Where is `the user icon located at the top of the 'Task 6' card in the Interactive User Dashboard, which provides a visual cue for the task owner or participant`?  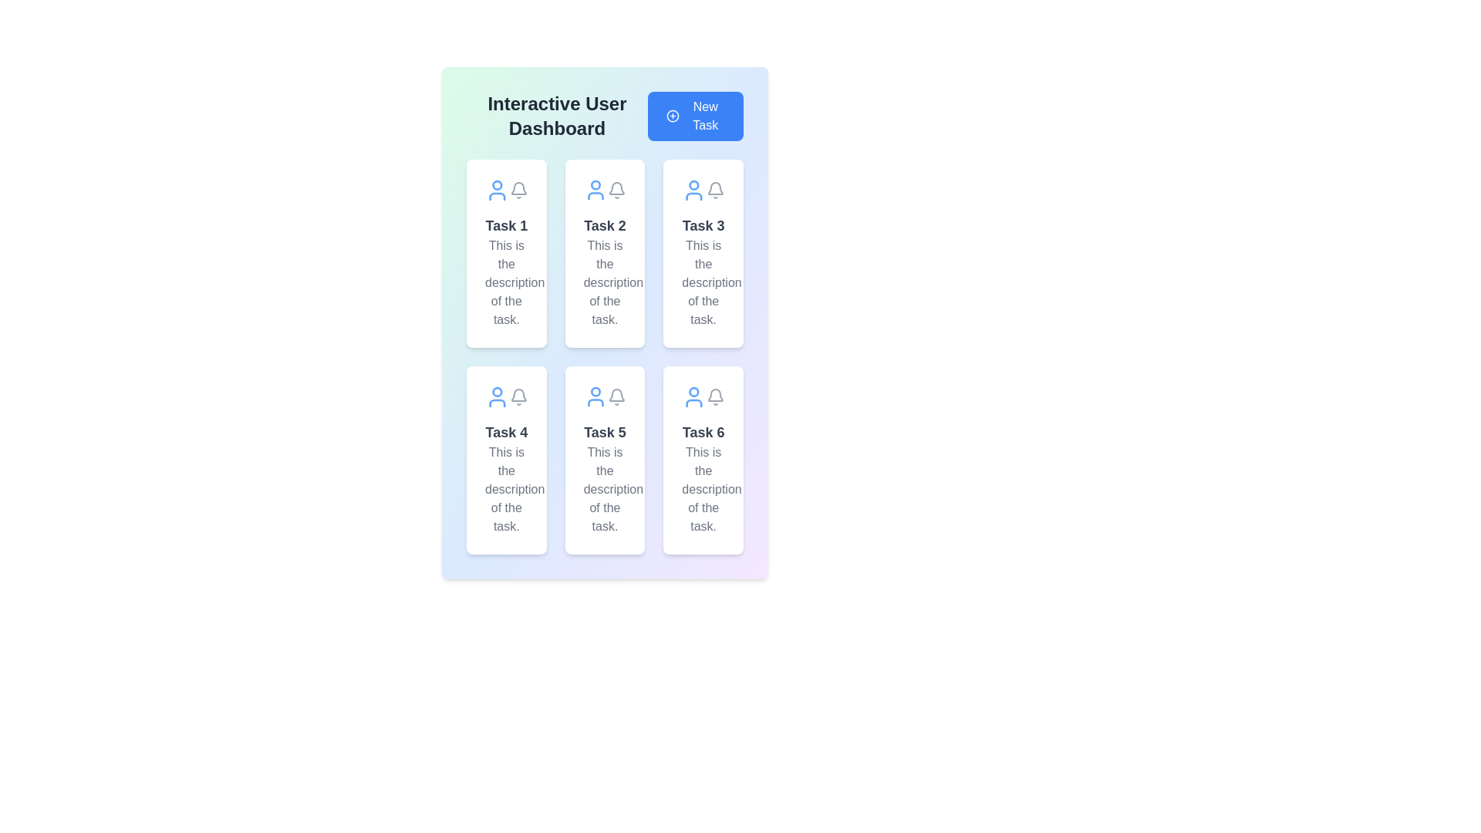
the user icon located at the top of the 'Task 6' card in the Interactive User Dashboard, which provides a visual cue for the task owner or participant is located at coordinates (693, 402).